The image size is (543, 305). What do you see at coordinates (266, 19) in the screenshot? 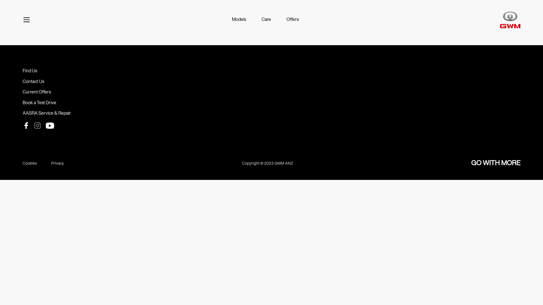
I see `'Care'` at bounding box center [266, 19].